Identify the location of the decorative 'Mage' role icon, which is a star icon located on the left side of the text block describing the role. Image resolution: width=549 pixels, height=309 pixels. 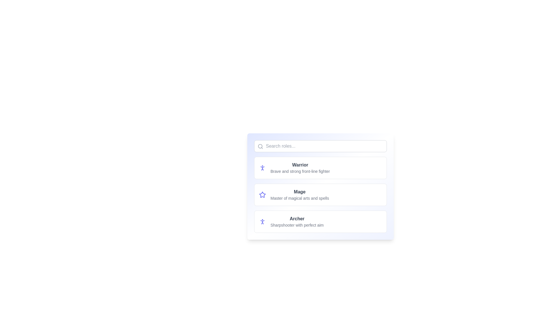
(262, 195).